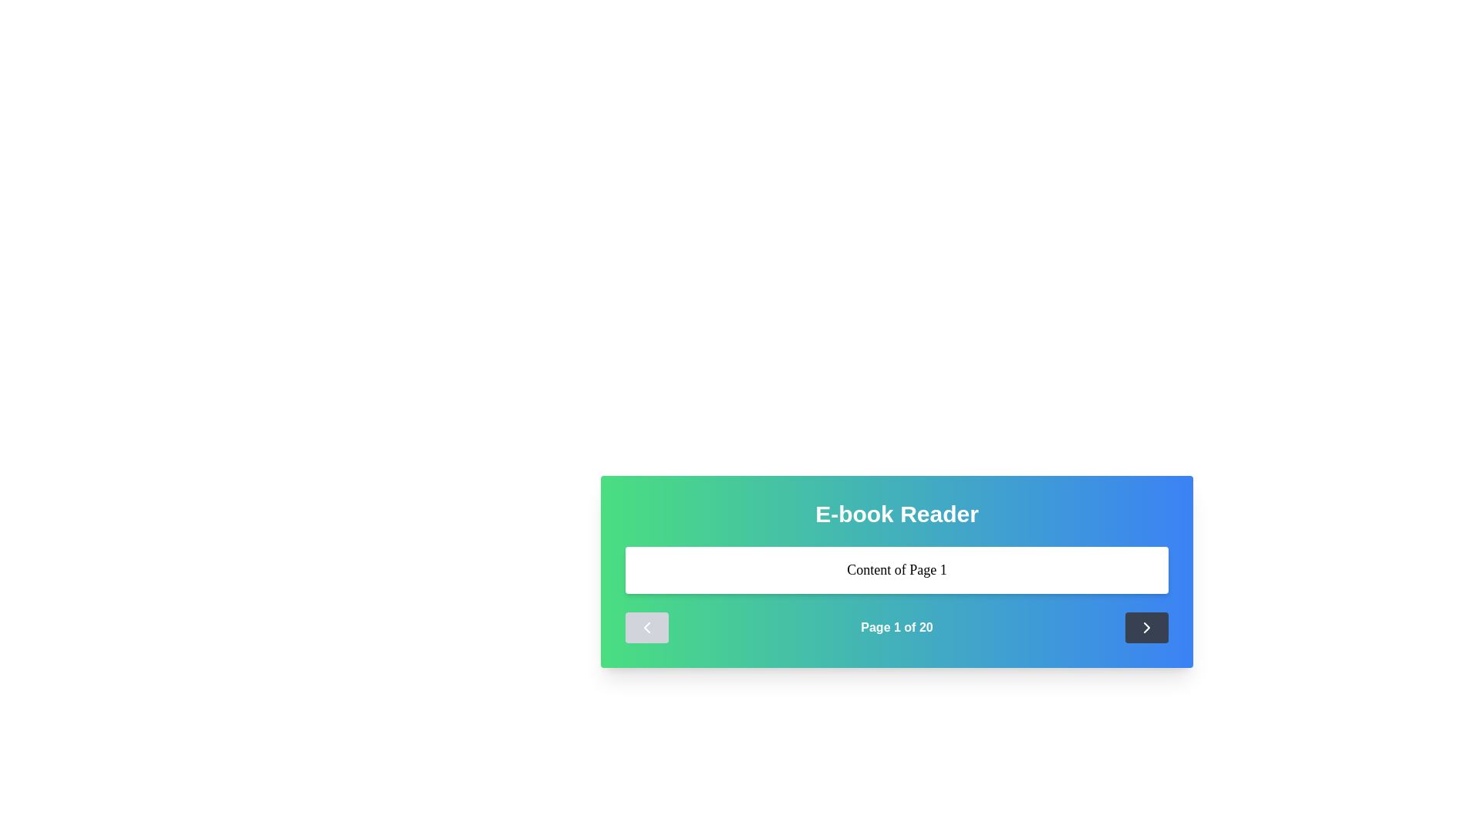  I want to click on displayed page number in the text display area located at the bottom section of the gradient-styled card component, centered between the left and right navigation buttons, so click(896, 627).